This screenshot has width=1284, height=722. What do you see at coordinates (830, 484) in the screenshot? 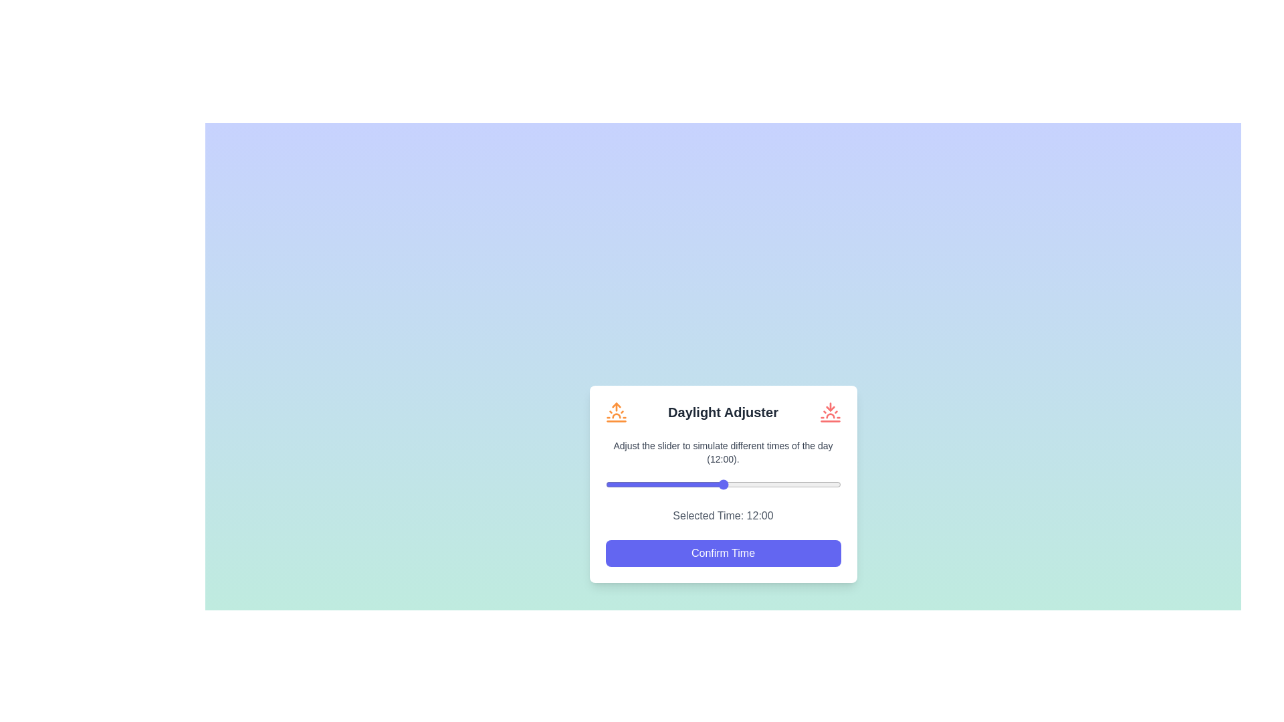
I see `the slider to set the time to 23` at bounding box center [830, 484].